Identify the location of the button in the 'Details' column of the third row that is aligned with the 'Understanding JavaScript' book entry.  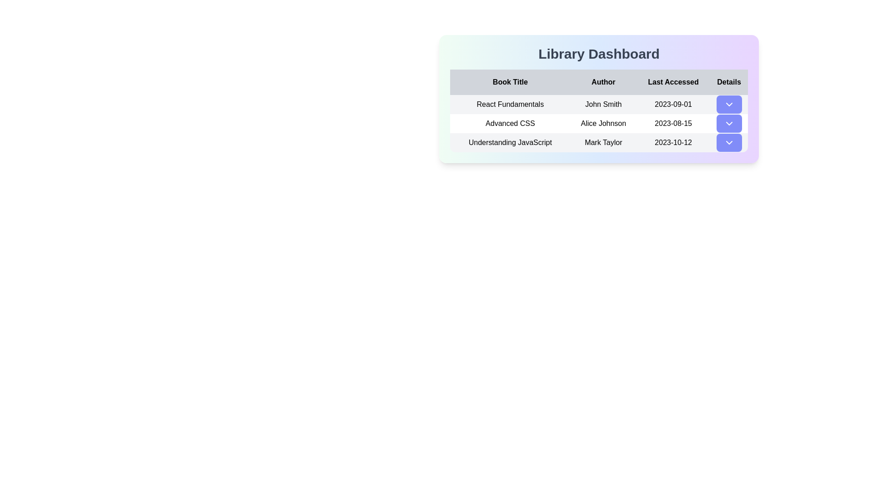
(729, 142).